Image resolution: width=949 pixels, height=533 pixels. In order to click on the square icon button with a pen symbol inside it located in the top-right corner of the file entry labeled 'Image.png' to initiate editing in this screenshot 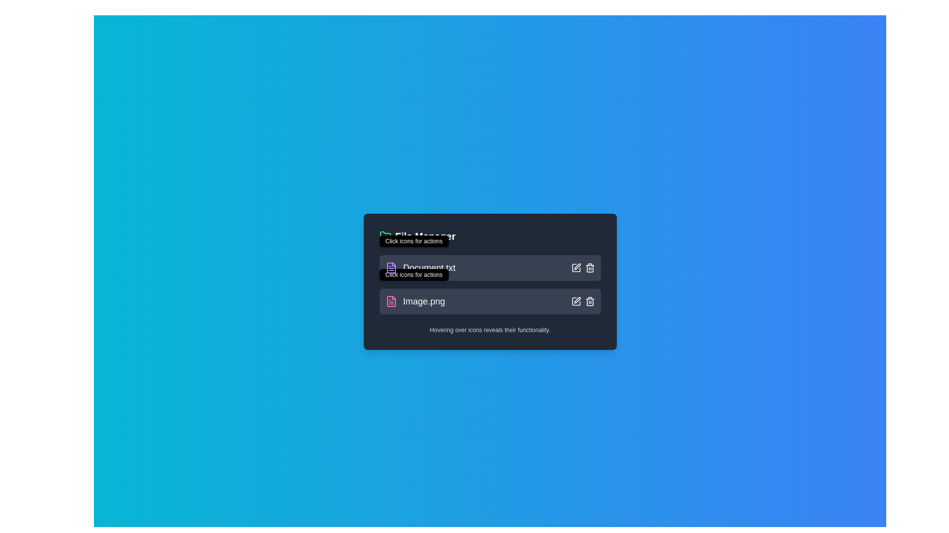, I will do `click(576, 301)`.